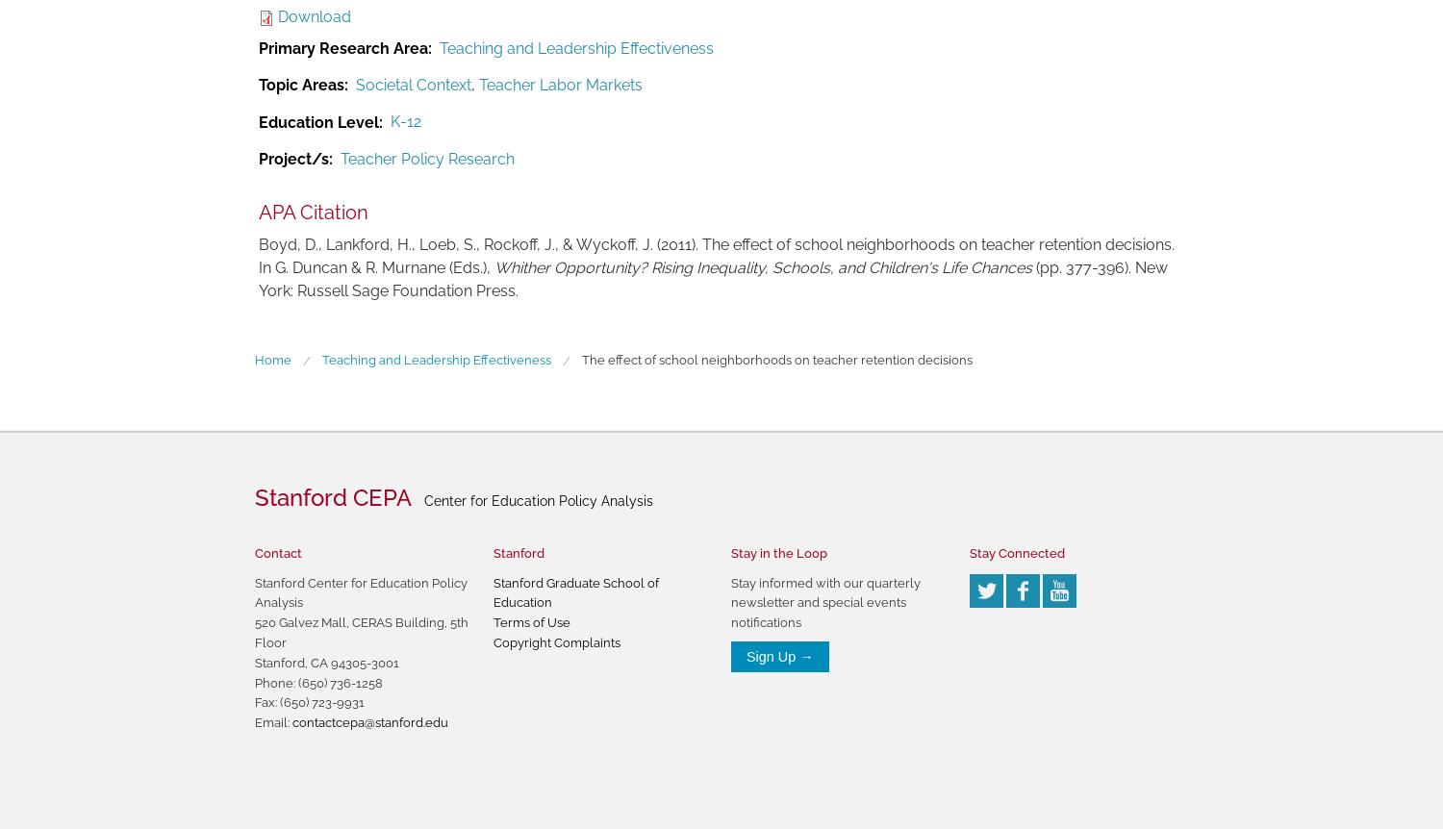 The image size is (1443, 829). What do you see at coordinates (824, 602) in the screenshot?
I see `'Stay informed with our quarterly newsletter and special events notifications'` at bounding box center [824, 602].